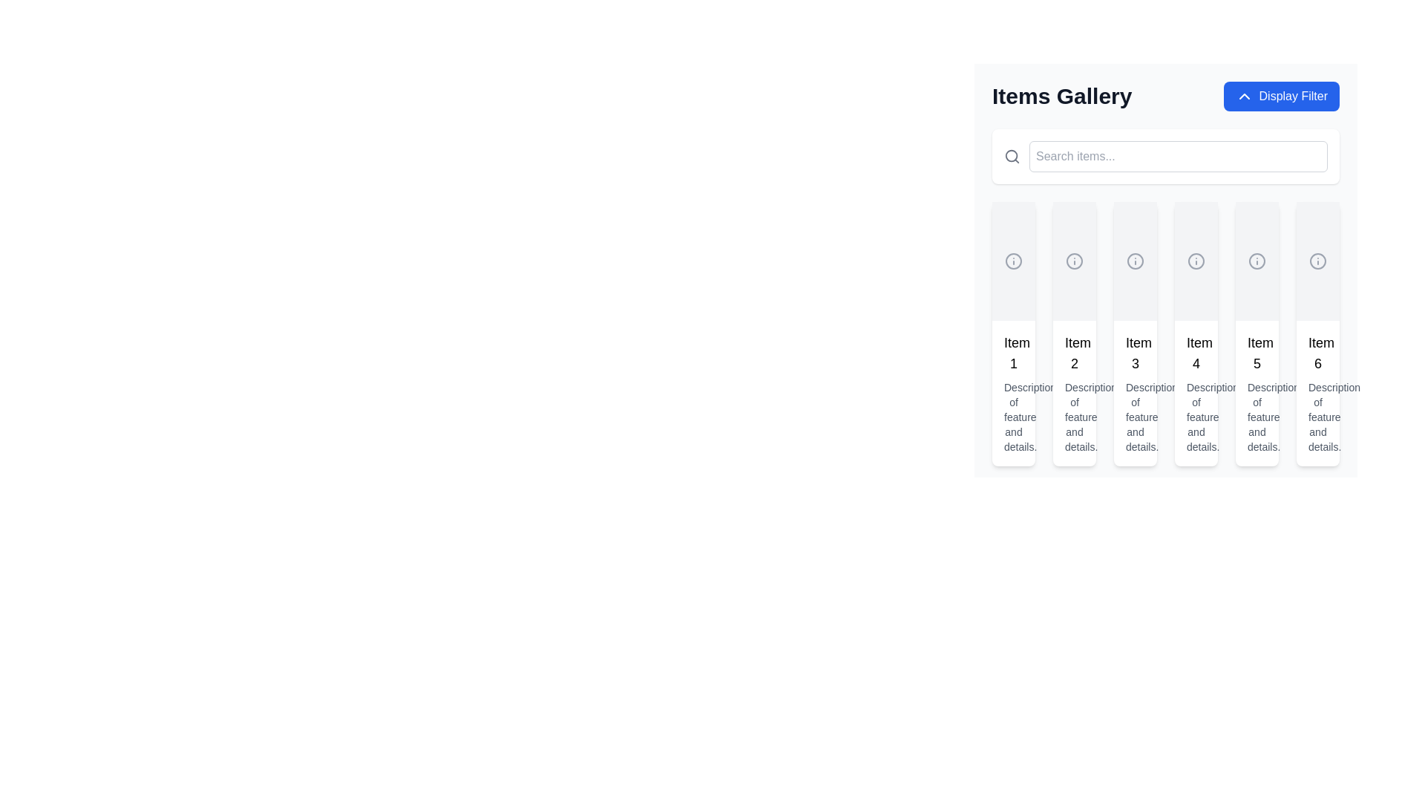 This screenshot has width=1425, height=802. Describe the element at coordinates (1075, 260) in the screenshot. I see `the circular icon with an exclamation mark located in the upper central area of the card labeled 'Item 2'` at that location.